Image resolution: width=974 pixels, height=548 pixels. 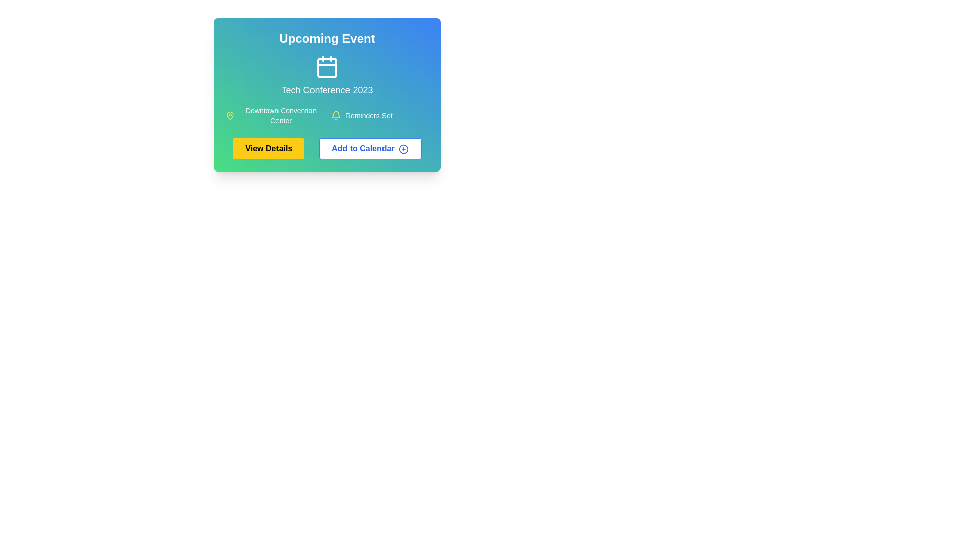 I want to click on the yellow bell-shaped notification icon located to the left of the 'Reminders Set' text, so click(x=336, y=115).